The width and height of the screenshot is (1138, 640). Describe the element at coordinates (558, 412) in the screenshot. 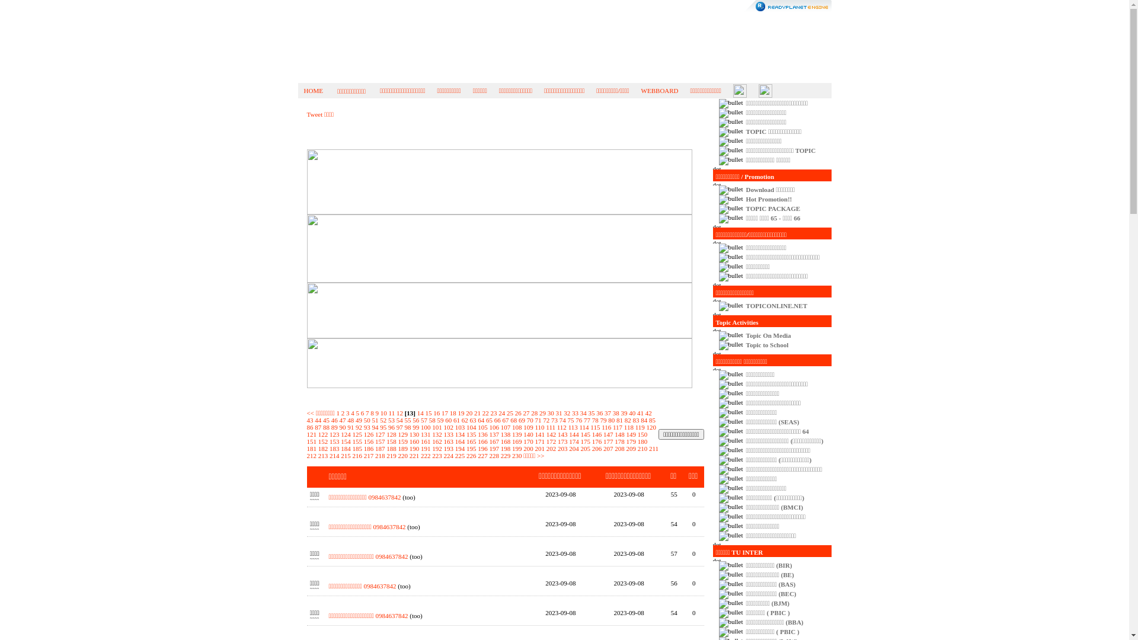

I see `'31'` at that location.